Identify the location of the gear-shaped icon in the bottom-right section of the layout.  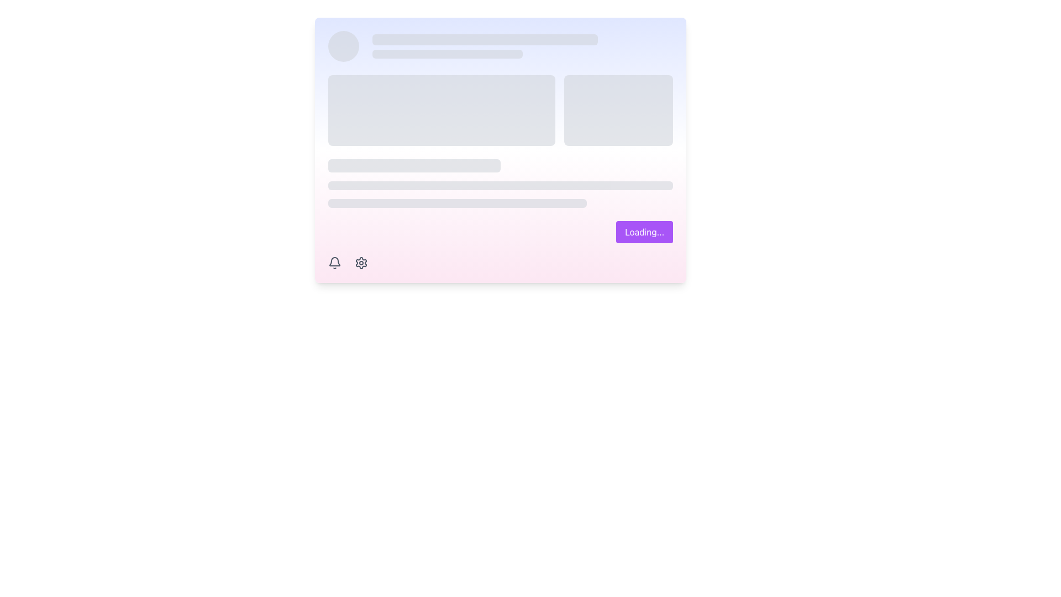
(361, 263).